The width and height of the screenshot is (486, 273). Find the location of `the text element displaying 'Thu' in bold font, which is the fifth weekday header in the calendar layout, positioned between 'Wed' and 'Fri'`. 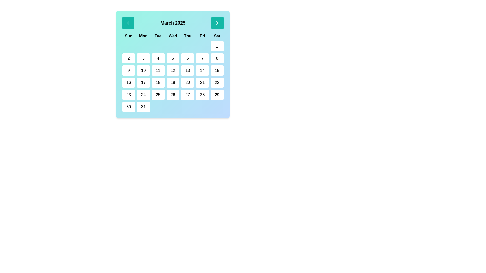

the text element displaying 'Thu' in bold font, which is the fifth weekday header in the calendar layout, positioned between 'Wed' and 'Fri' is located at coordinates (187, 36).